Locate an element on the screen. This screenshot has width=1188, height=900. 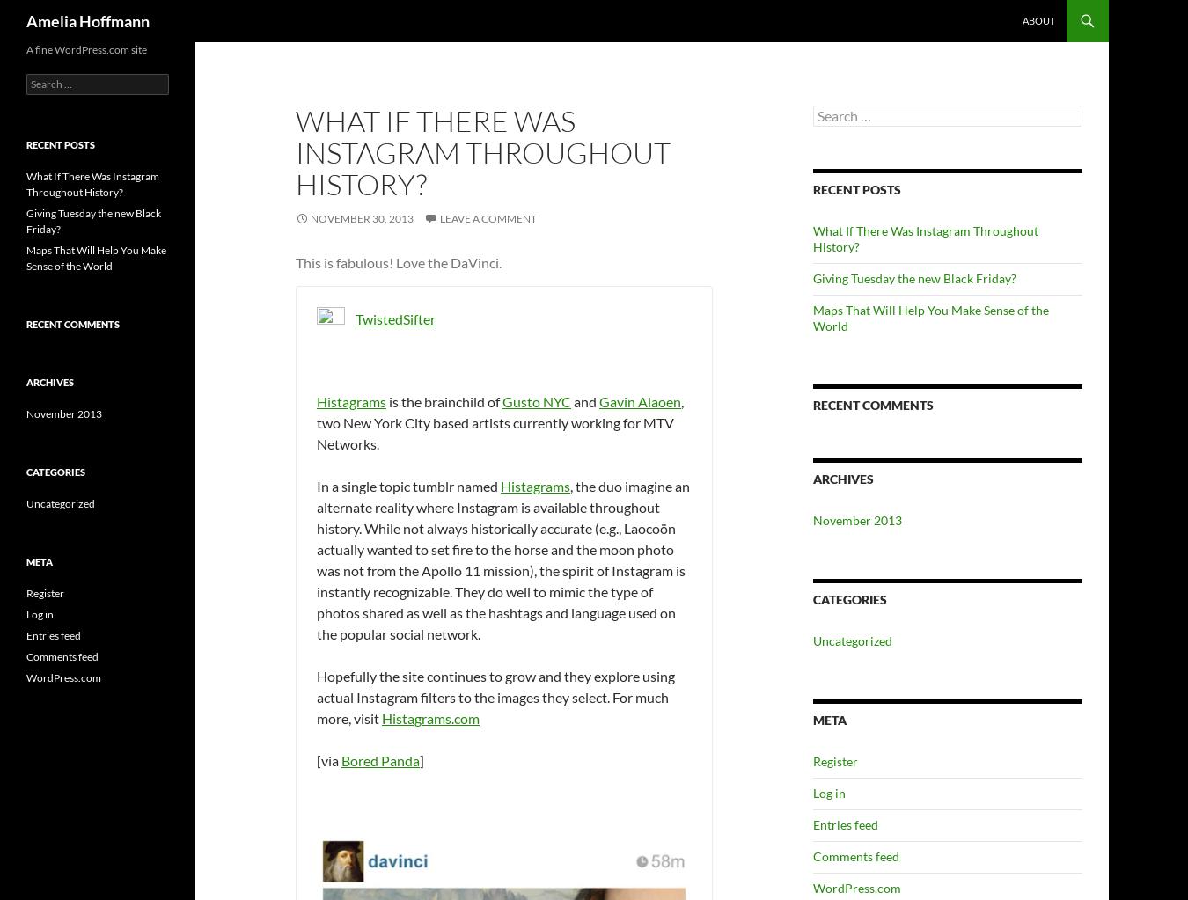
'Gavin Alaoen' is located at coordinates (639, 400).